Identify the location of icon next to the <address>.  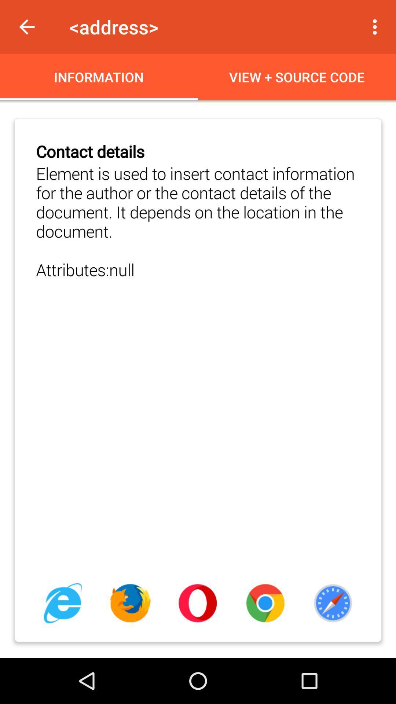
(377, 27).